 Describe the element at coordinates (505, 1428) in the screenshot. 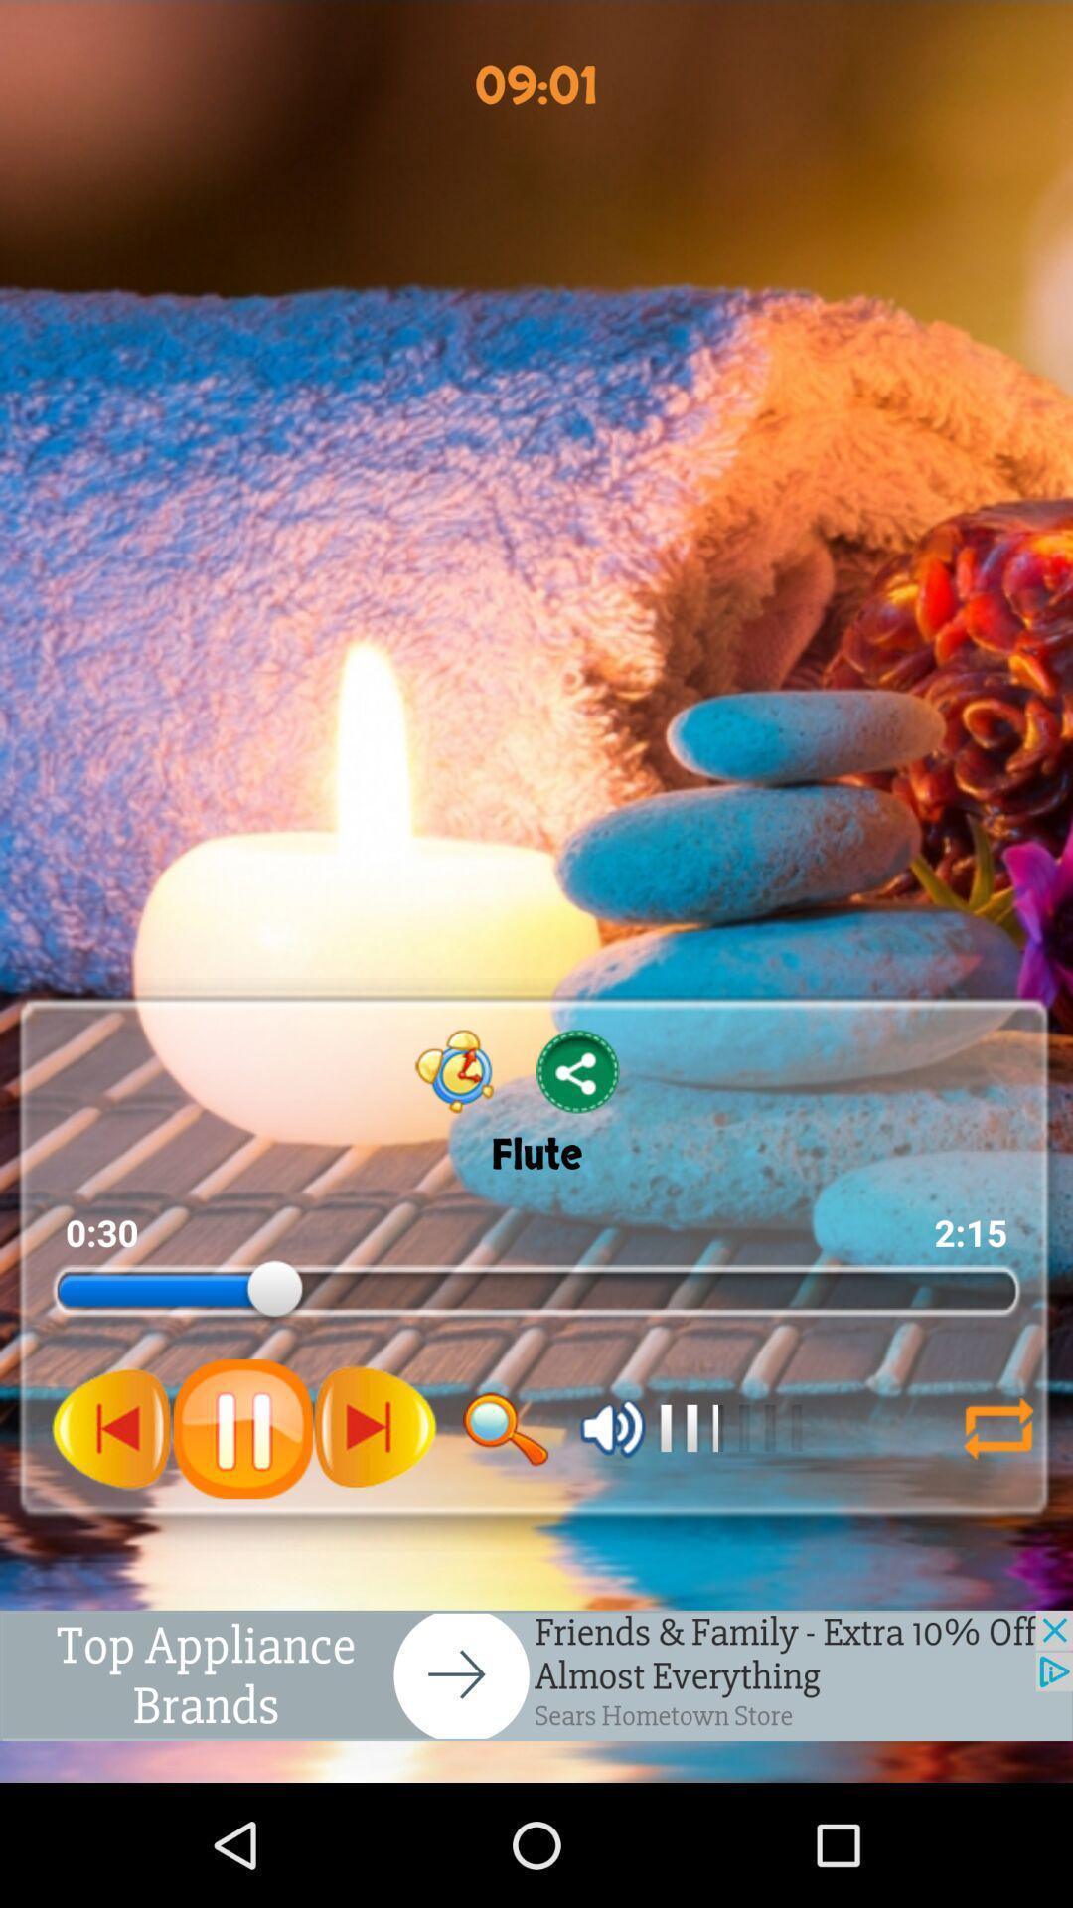

I see `search` at that location.